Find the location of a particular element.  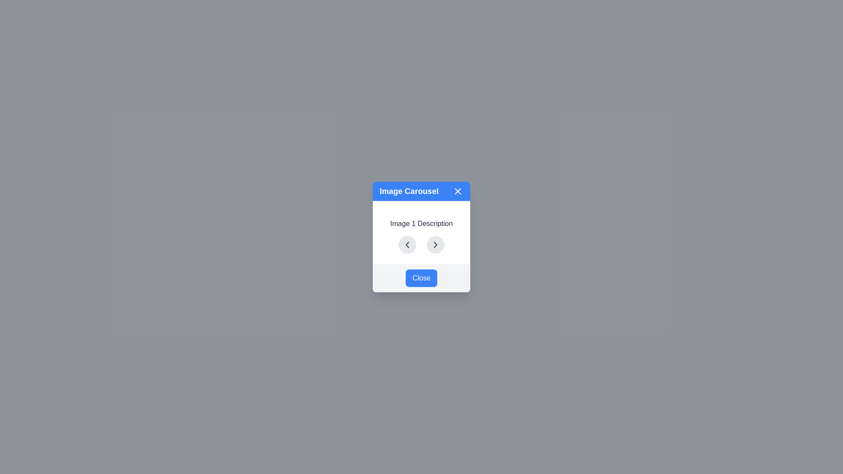

the 'Close' button, which is a blue rectangular button with rounded corners and the label 'Close' in white, located at the bottom center of the 'Image Carousel' modal dialog is located at coordinates (421, 278).